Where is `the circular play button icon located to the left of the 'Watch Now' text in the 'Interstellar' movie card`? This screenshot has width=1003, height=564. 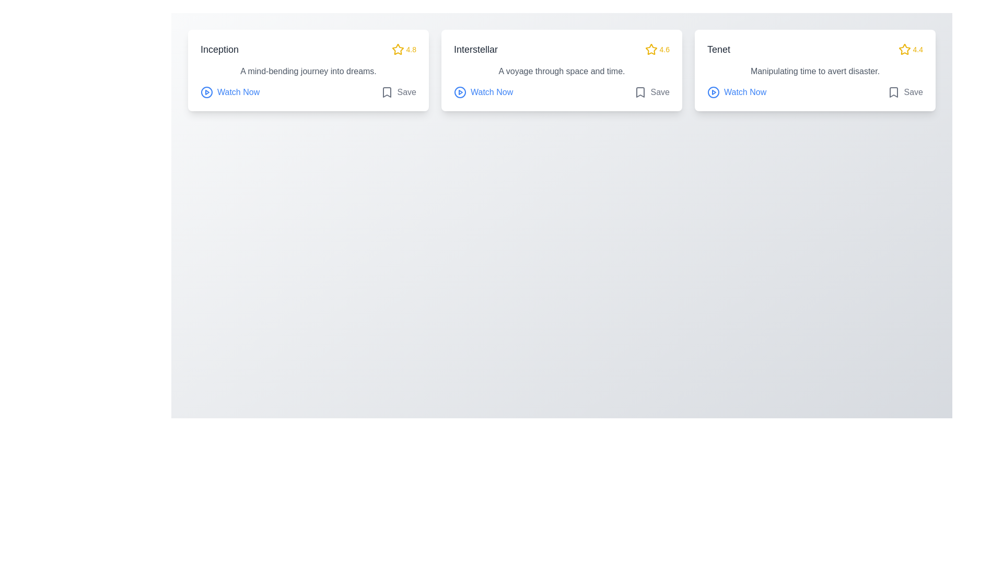 the circular play button icon located to the left of the 'Watch Now' text in the 'Interstellar' movie card is located at coordinates (460, 92).